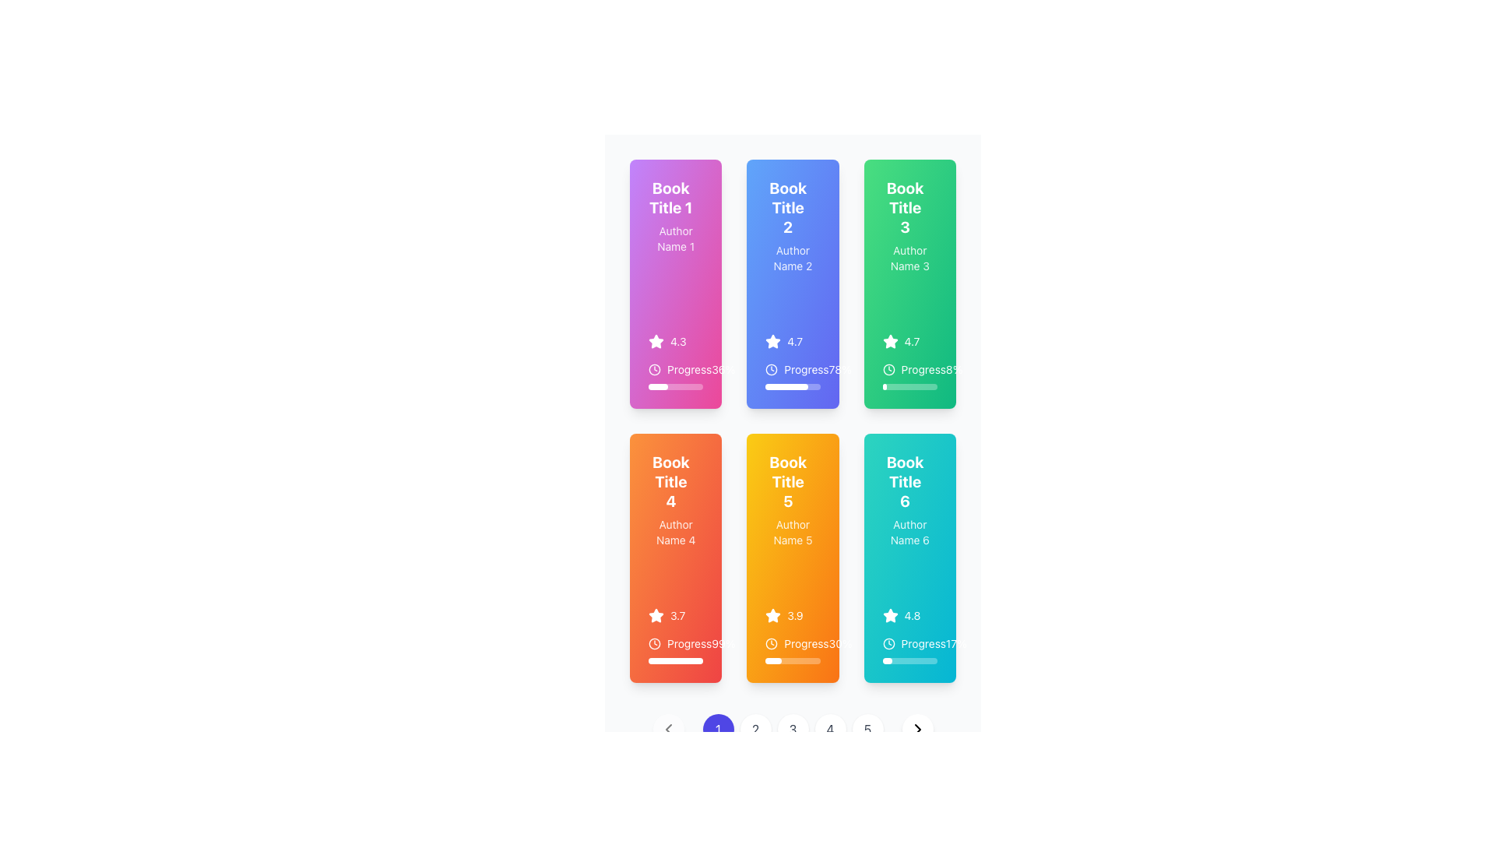 The width and height of the screenshot is (1495, 841). What do you see at coordinates (676, 636) in the screenshot?
I see `the progress and rating values of the composite UI component displaying a rating of '3.7' with a star icon, a clock icon, the text 'Progress99%', and a progress bar indicating 99% progress, located within the red card for 'Book Title 4'` at bounding box center [676, 636].